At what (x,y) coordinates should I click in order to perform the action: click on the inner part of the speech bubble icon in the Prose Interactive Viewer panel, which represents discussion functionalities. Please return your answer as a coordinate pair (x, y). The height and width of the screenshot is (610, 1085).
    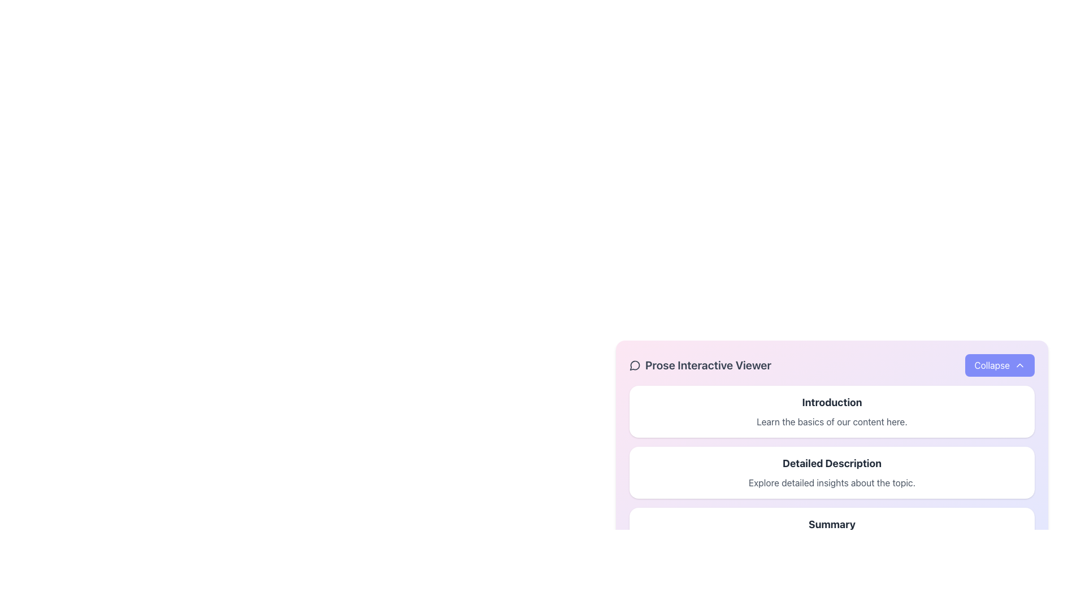
    Looking at the image, I should click on (635, 365).